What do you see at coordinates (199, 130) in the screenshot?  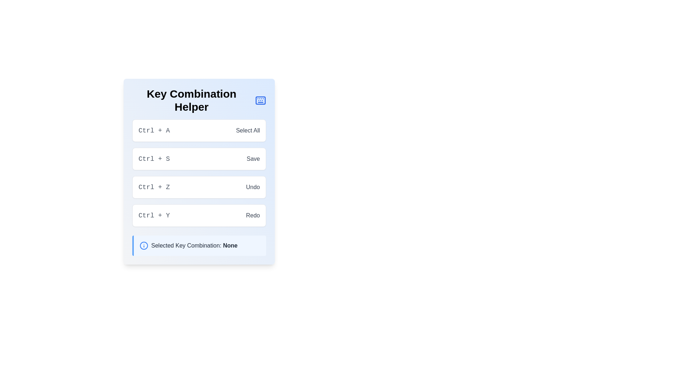 I see `the first Information display card in the vertical list that shows a keyboard shortcut and its functionality` at bounding box center [199, 130].